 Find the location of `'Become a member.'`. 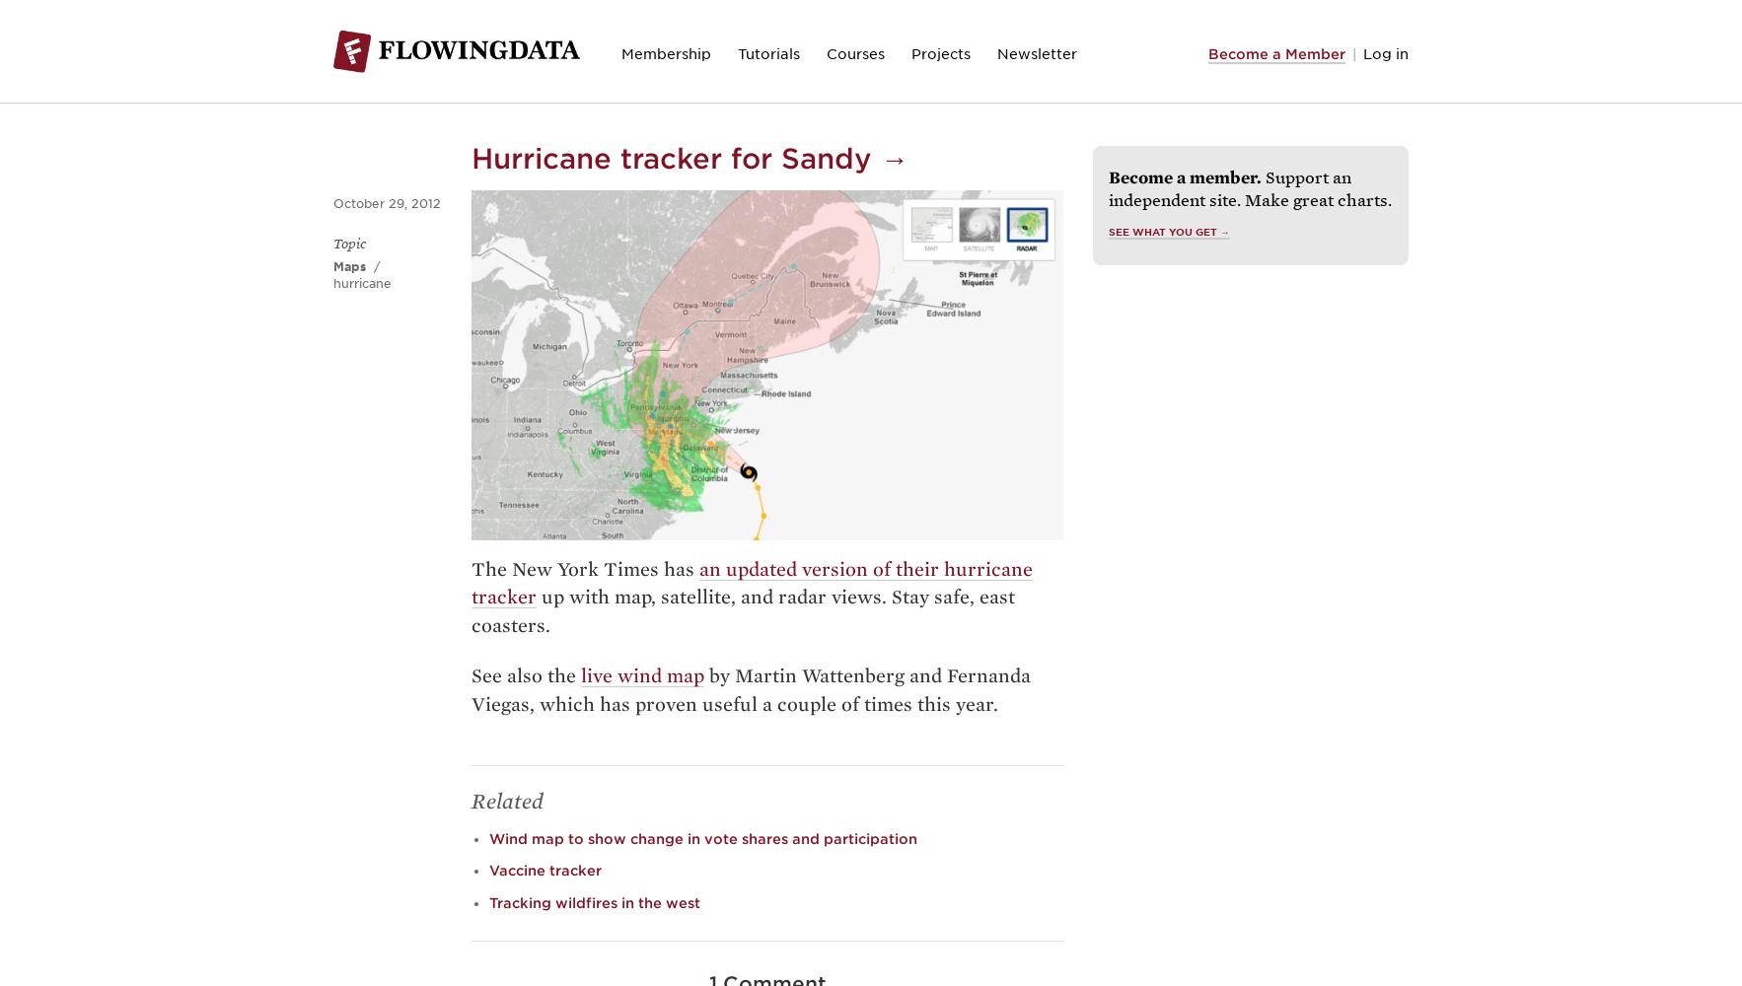

'Become a member.' is located at coordinates (1108, 176).